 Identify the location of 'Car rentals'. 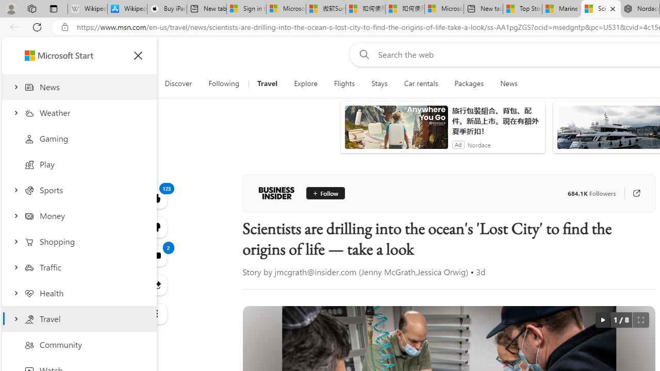
(421, 83).